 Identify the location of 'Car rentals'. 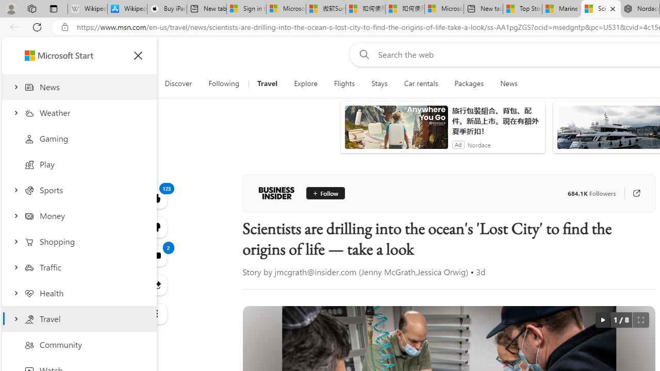
(421, 83).